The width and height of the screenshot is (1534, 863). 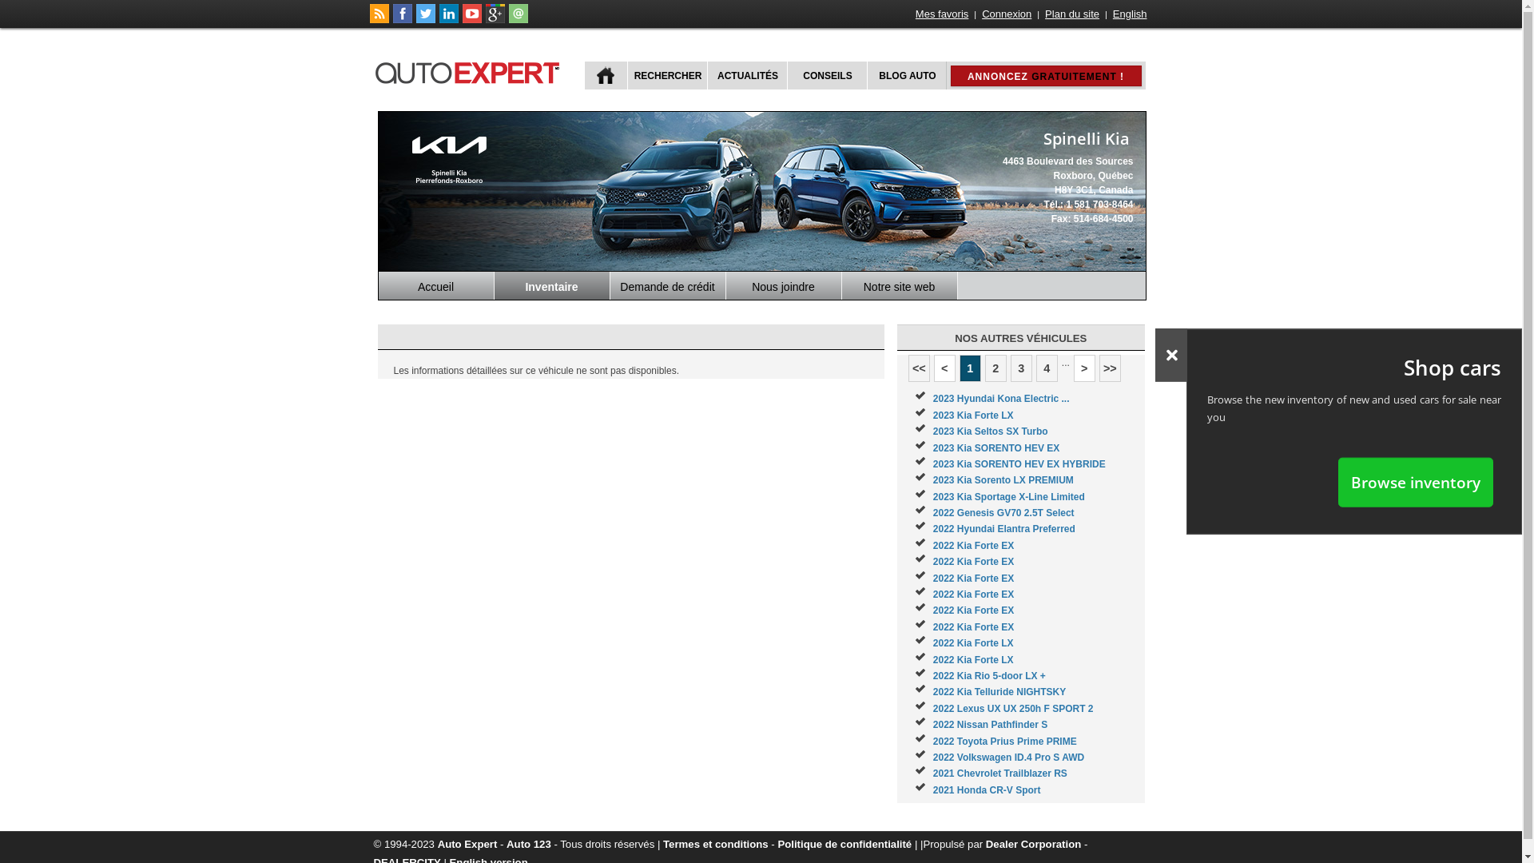 I want to click on '2023 Kia SORENTO HEV EX', so click(x=932, y=447).